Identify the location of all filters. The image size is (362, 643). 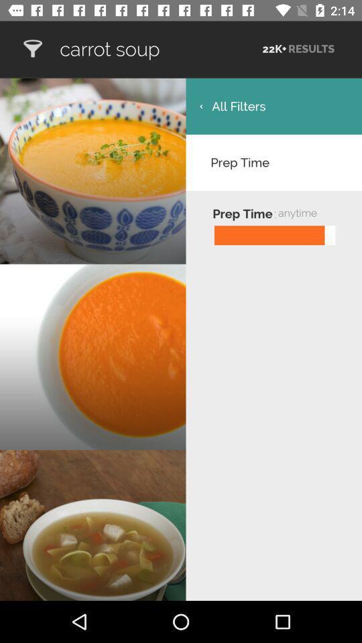
(273, 105).